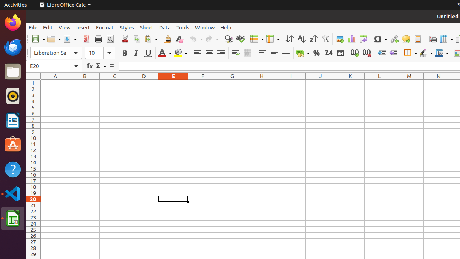 This screenshot has width=460, height=259. What do you see at coordinates (64, 27) in the screenshot?
I see `'View'` at bounding box center [64, 27].